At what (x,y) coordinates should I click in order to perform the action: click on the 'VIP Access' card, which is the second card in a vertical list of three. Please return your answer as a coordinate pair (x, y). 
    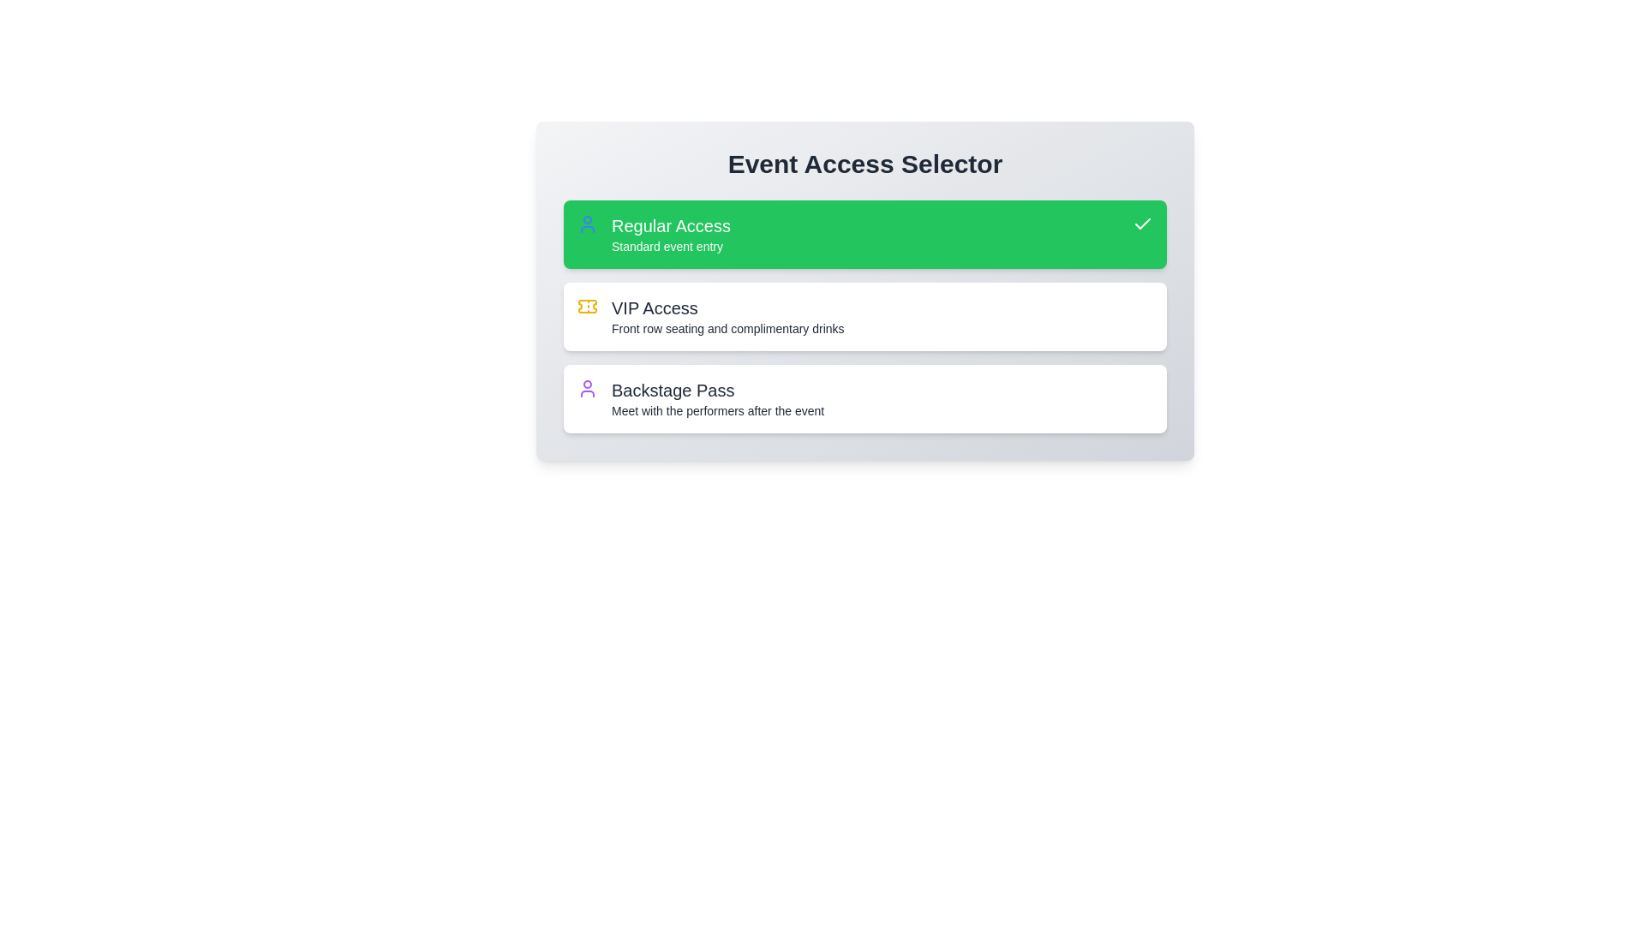
    Looking at the image, I should click on (864, 317).